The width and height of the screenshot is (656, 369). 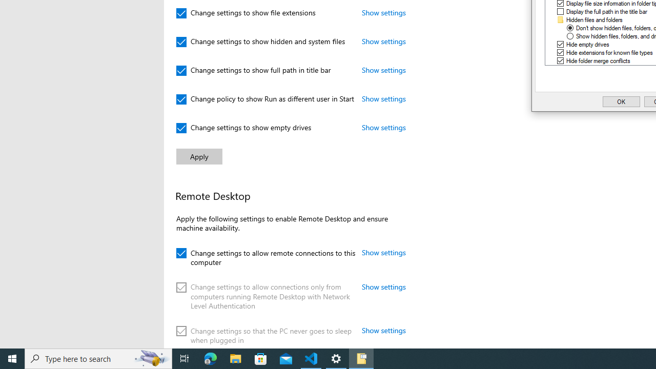 What do you see at coordinates (12, 358) in the screenshot?
I see `'Start'` at bounding box center [12, 358].